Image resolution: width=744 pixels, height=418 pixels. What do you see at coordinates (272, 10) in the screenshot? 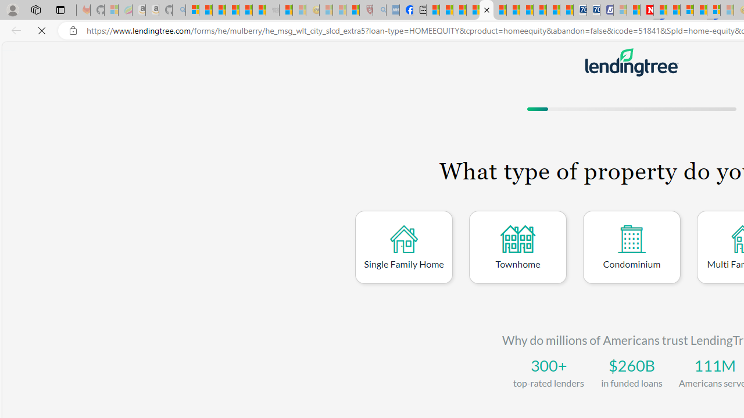
I see `'Combat Siege - Sleeping'` at bounding box center [272, 10].